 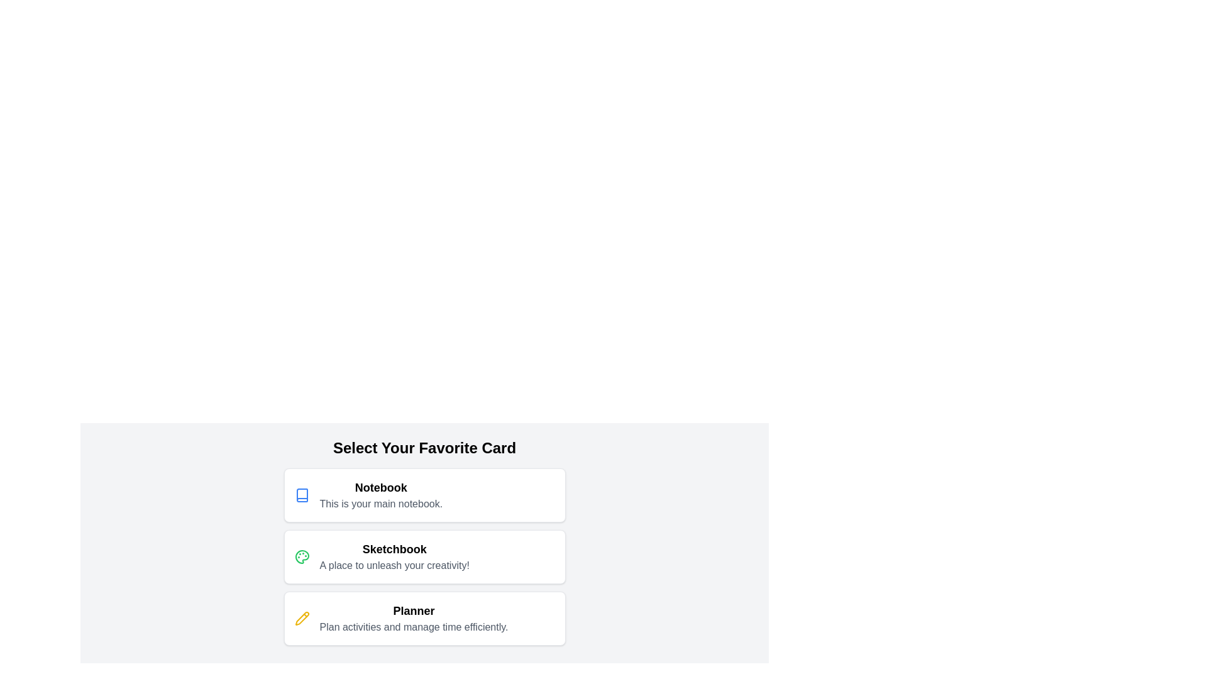 I want to click on the 'Sketchbook' feature card, which is the second card in a vertical list of three cards located between the 'Notebook' and 'Planner' cards, so click(x=424, y=556).